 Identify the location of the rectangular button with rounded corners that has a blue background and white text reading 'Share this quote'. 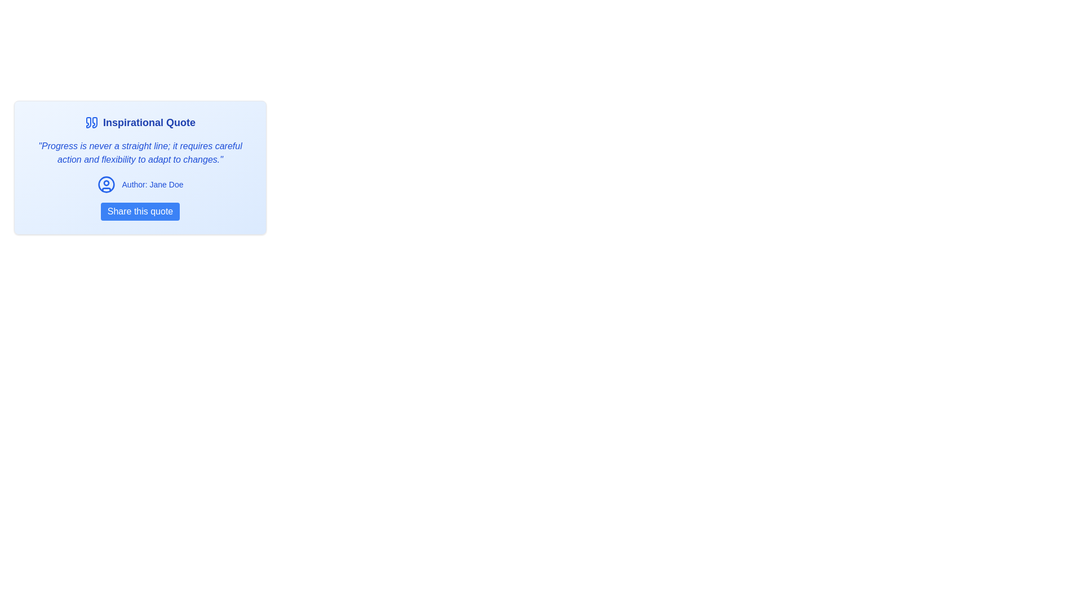
(140, 211).